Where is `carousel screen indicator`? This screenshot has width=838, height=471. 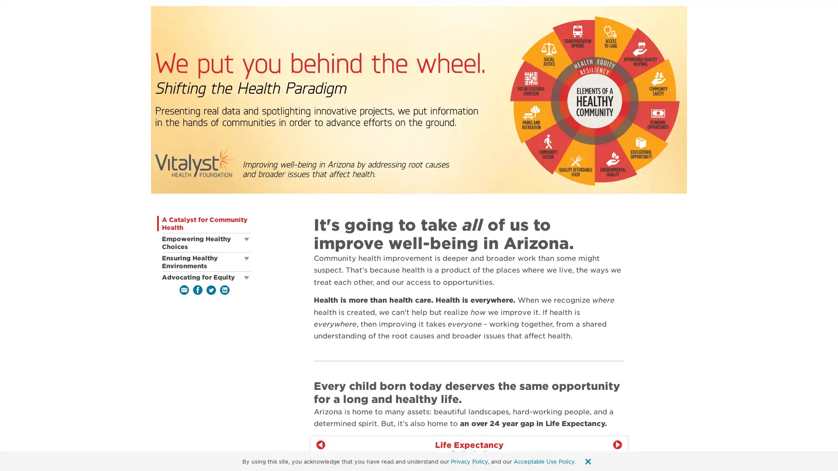
carousel screen indicator is located at coordinates (463, 453).